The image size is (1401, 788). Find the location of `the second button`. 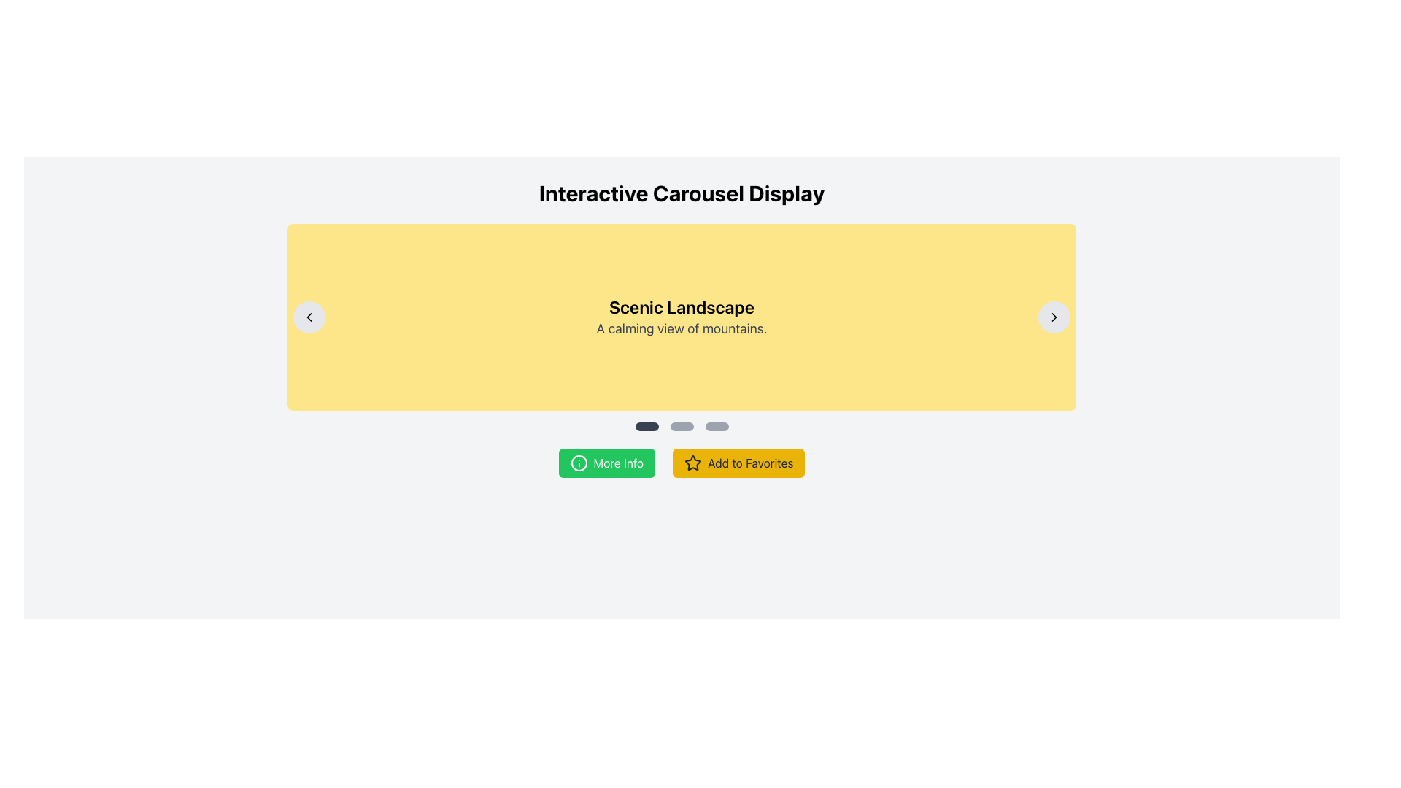

the second button is located at coordinates (738, 463).